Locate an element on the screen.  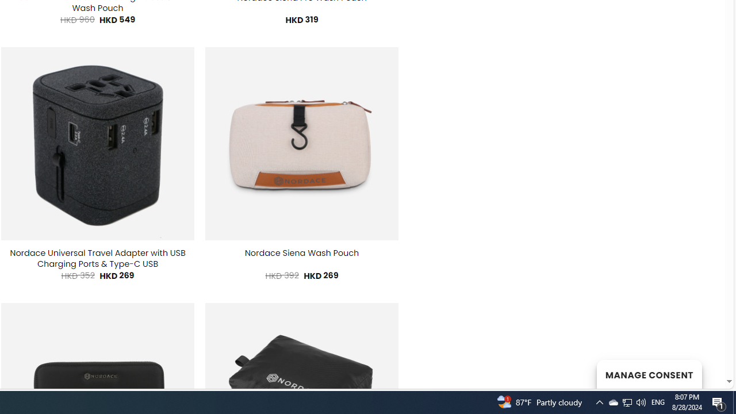
'MANAGE CONSENT' is located at coordinates (649, 374).